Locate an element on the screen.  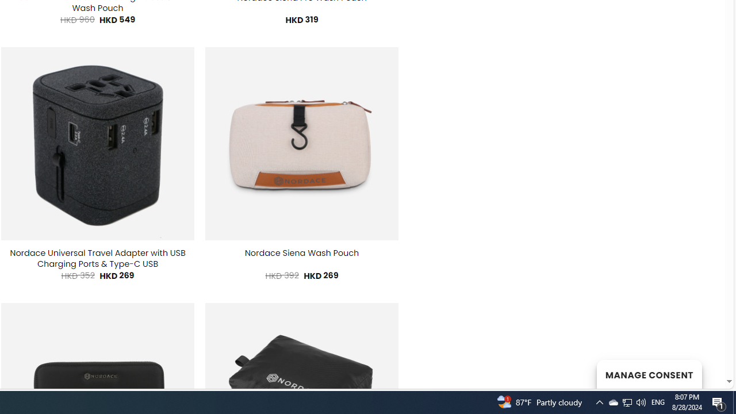
'MANAGE CONSENT' is located at coordinates (649, 374).